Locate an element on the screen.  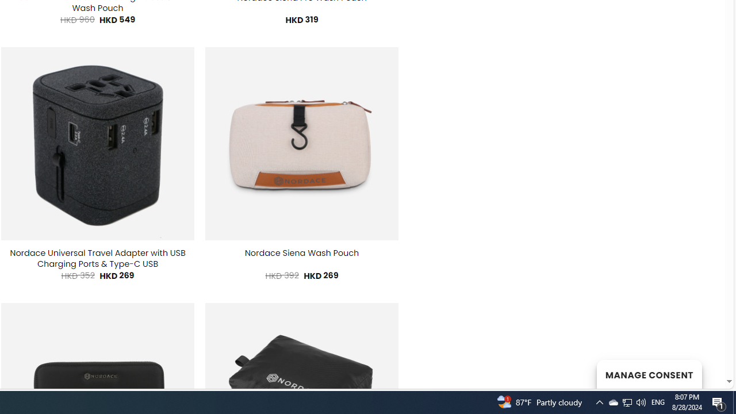
'MANAGE CONSENT' is located at coordinates (649, 374).